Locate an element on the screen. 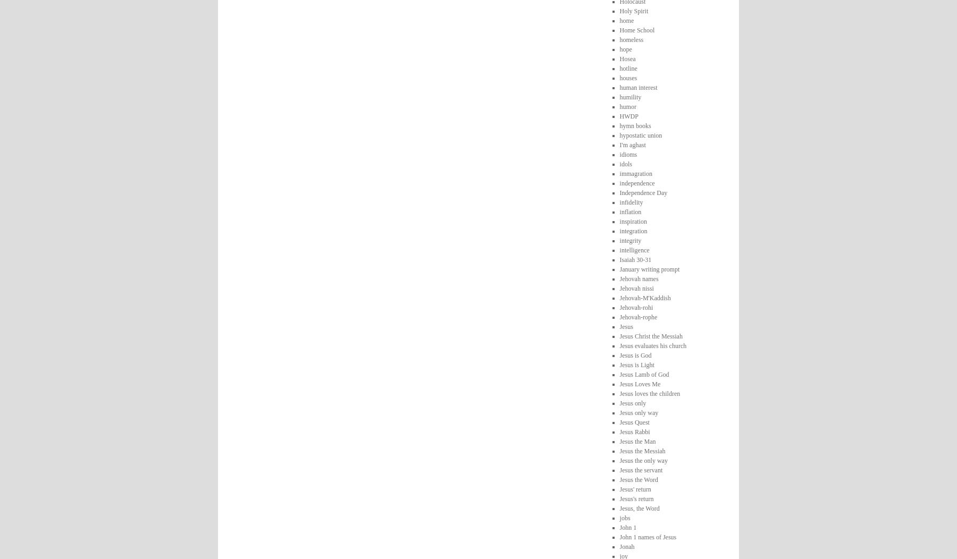 The image size is (957, 559). 'Jesus' return' is located at coordinates (634, 488).